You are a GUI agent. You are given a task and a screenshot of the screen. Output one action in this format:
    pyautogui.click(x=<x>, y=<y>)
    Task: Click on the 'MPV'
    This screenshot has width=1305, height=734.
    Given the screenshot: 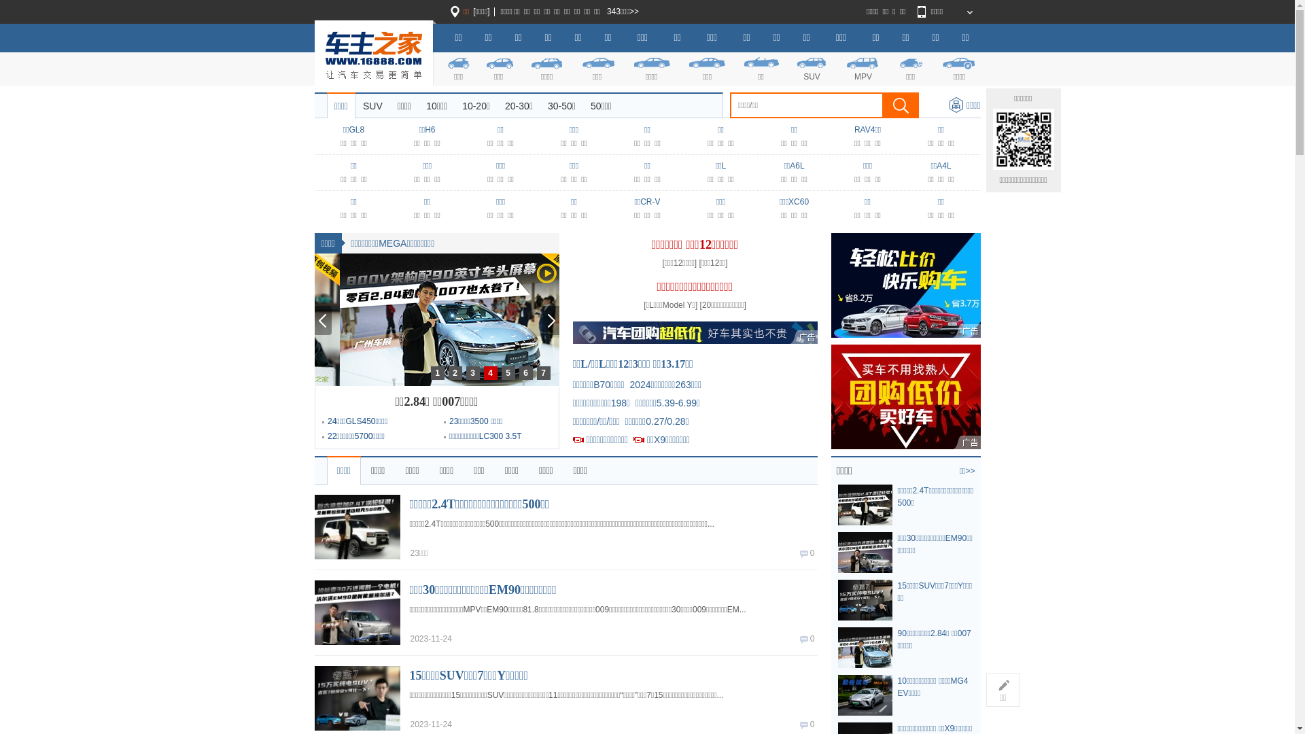 What is the action you would take?
    pyautogui.click(x=862, y=67)
    